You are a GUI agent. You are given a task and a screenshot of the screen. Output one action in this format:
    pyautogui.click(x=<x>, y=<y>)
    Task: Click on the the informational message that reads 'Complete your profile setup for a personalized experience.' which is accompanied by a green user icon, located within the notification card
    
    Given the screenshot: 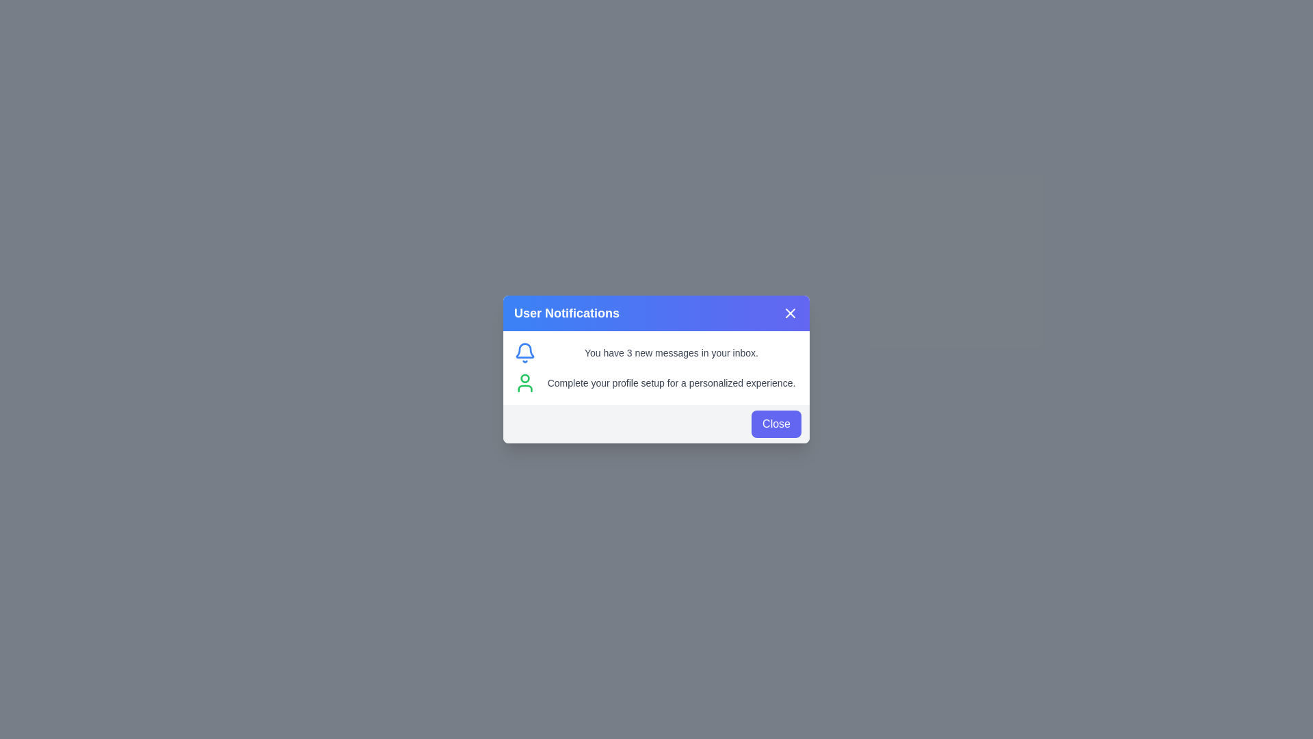 What is the action you would take?
    pyautogui.click(x=656, y=383)
    